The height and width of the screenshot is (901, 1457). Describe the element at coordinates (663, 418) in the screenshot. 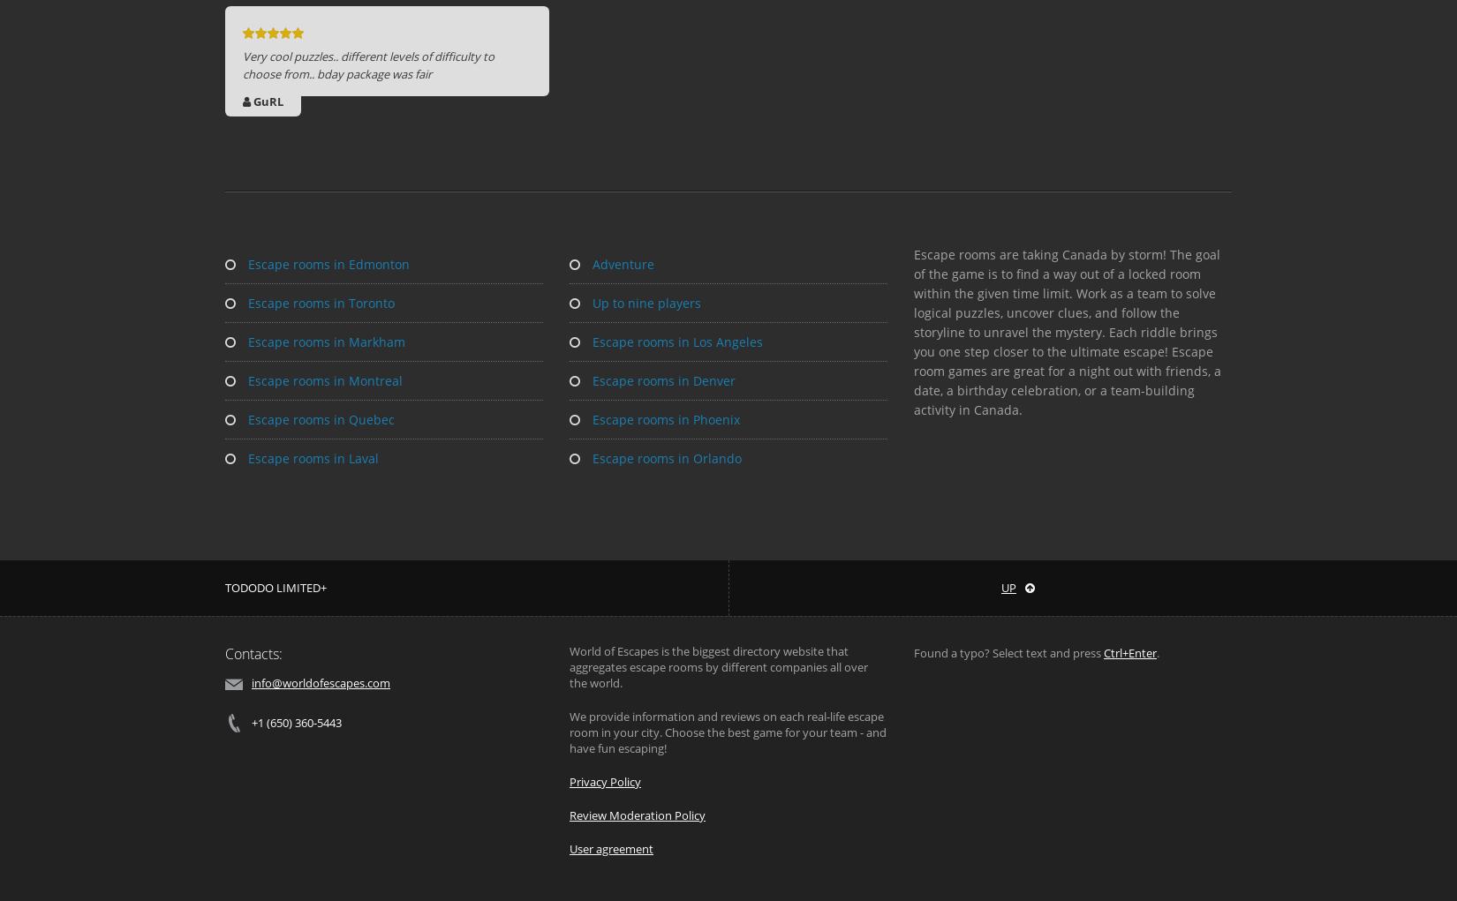

I see `'Escape rooms in Phoenix'` at that location.